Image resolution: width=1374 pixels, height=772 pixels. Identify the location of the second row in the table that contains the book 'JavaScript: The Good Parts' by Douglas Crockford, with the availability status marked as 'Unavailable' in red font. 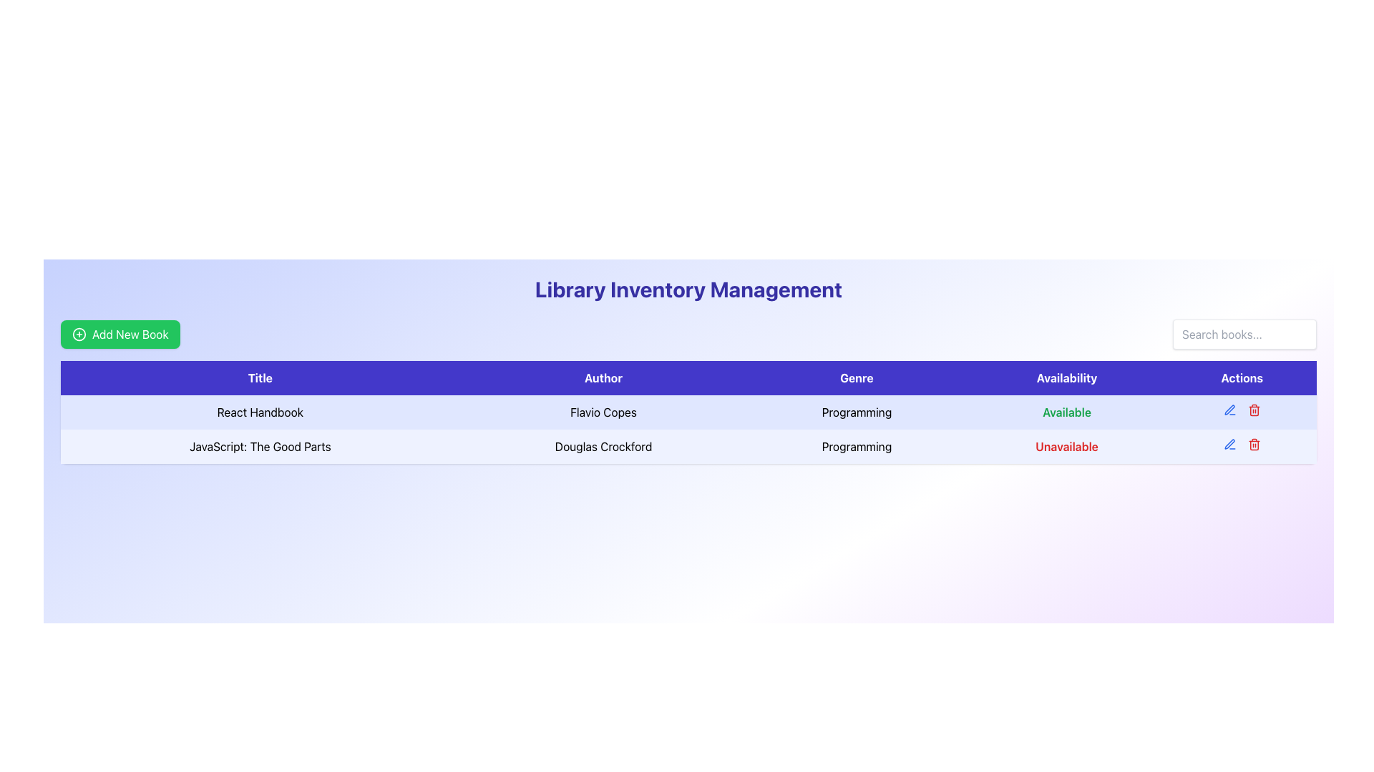
(688, 445).